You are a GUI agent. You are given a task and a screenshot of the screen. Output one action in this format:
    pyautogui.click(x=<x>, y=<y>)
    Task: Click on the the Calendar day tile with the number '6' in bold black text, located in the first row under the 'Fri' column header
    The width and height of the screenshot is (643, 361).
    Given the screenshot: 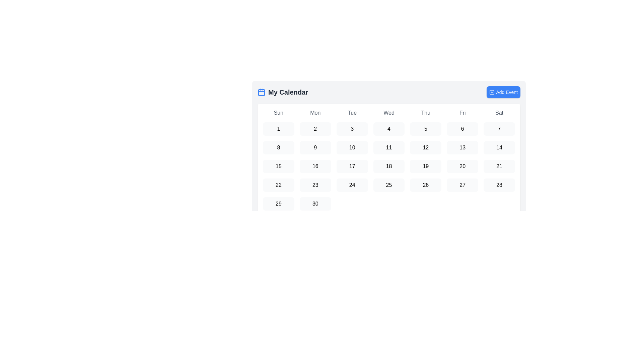 What is the action you would take?
    pyautogui.click(x=462, y=129)
    